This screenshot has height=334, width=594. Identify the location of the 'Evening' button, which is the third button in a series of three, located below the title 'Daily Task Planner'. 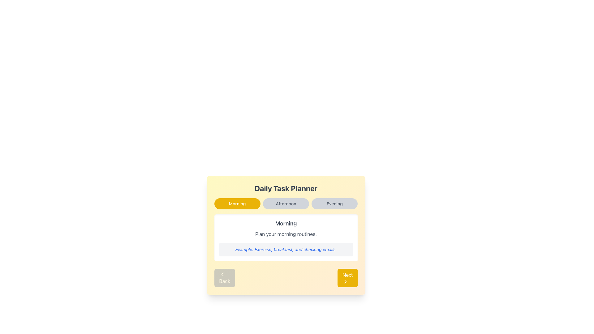
(334, 204).